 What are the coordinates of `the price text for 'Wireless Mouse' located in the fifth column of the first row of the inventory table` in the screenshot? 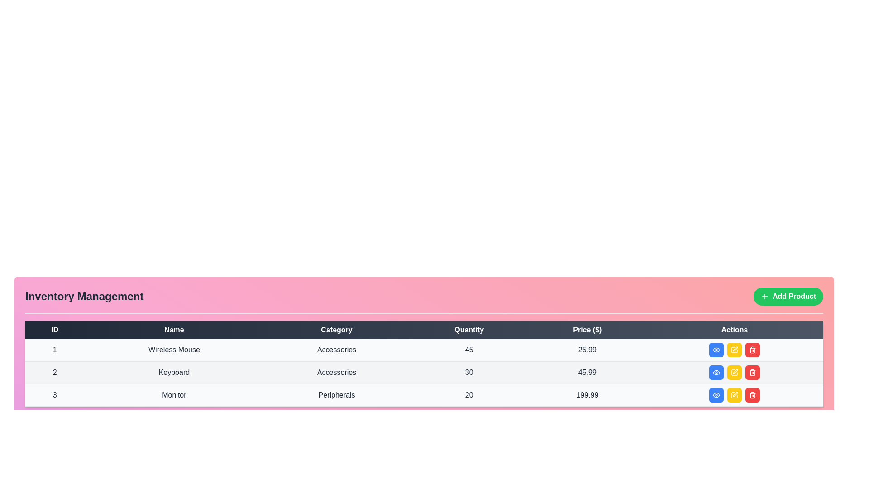 It's located at (587, 350).